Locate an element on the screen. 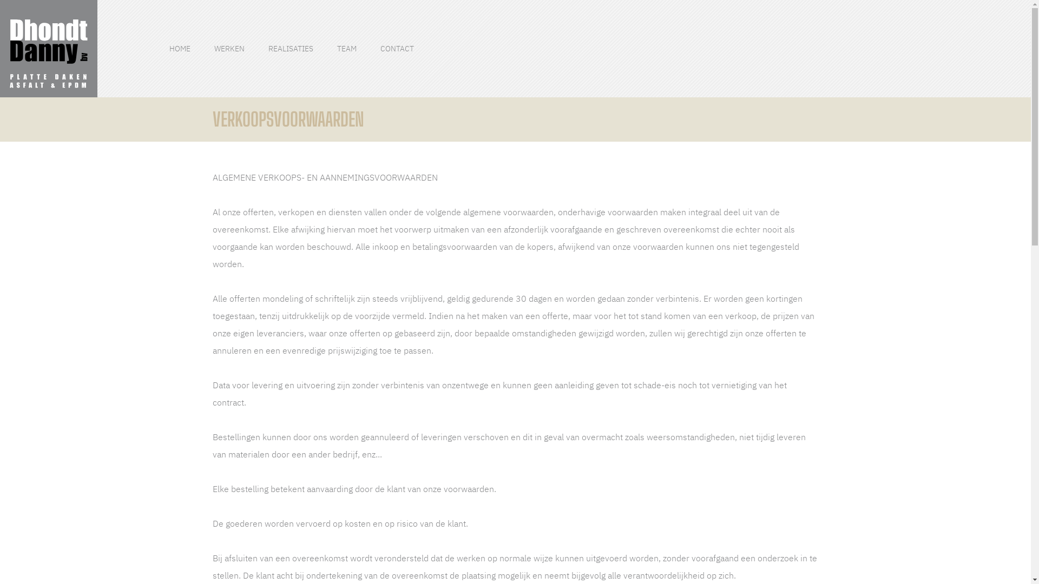 The width and height of the screenshot is (1039, 584). 'CONTACT' is located at coordinates (397, 49).